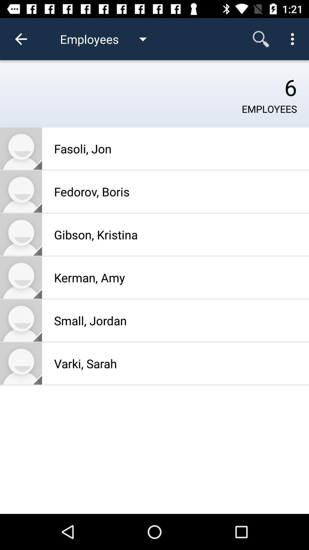 The width and height of the screenshot is (309, 550). What do you see at coordinates (21, 320) in the screenshot?
I see `contact icon` at bounding box center [21, 320].